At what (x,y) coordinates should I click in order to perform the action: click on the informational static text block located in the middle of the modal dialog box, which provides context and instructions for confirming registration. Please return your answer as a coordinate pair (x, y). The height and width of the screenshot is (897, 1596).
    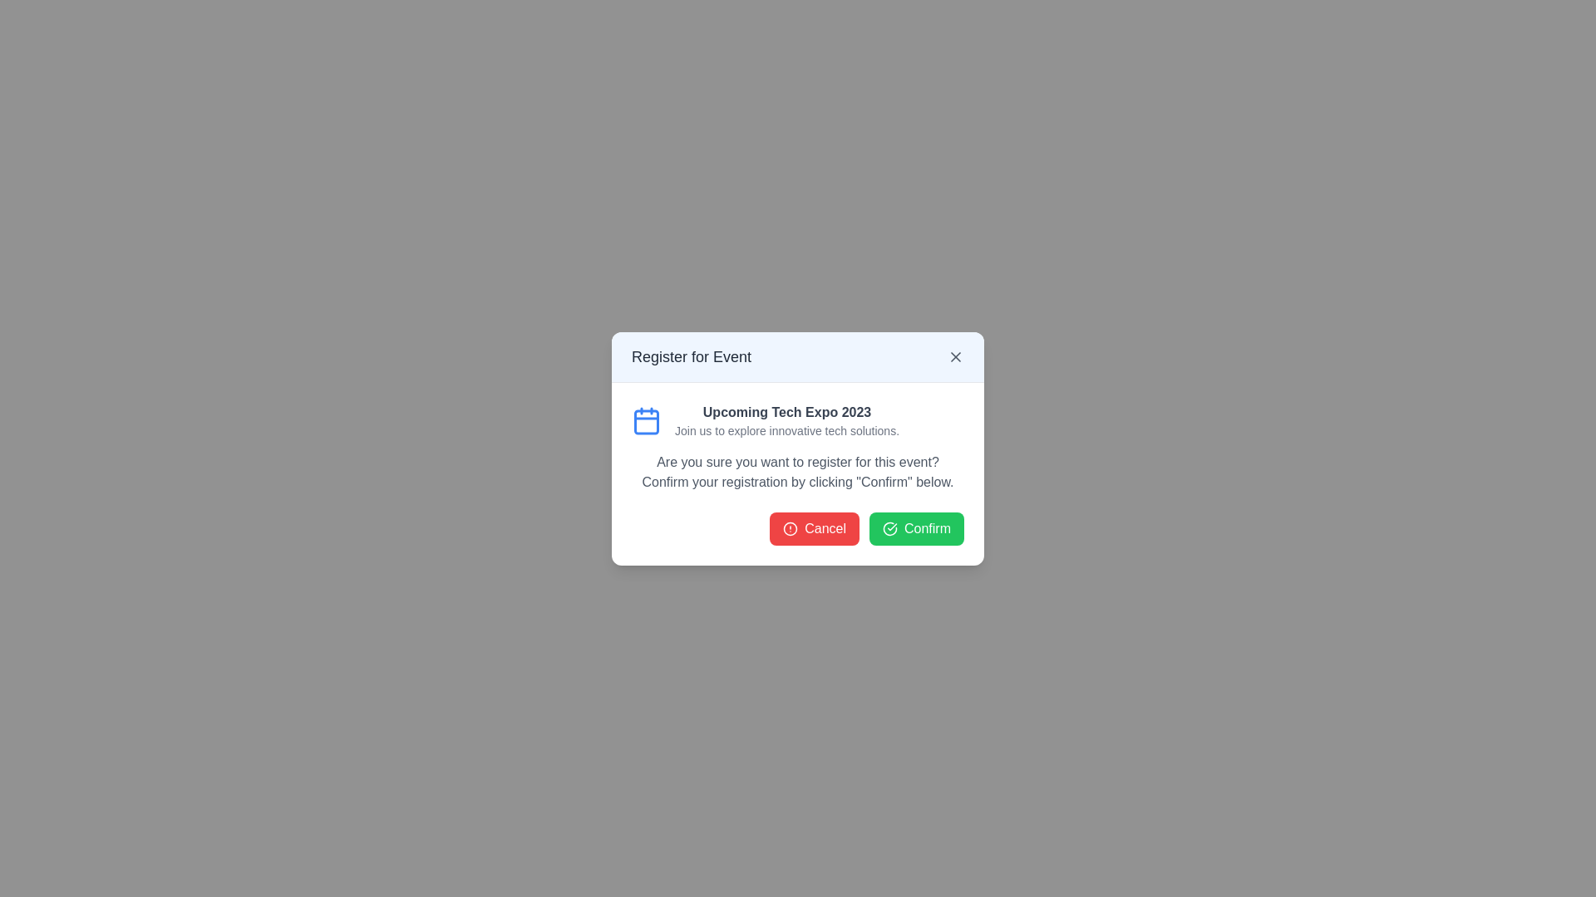
    Looking at the image, I should click on (798, 472).